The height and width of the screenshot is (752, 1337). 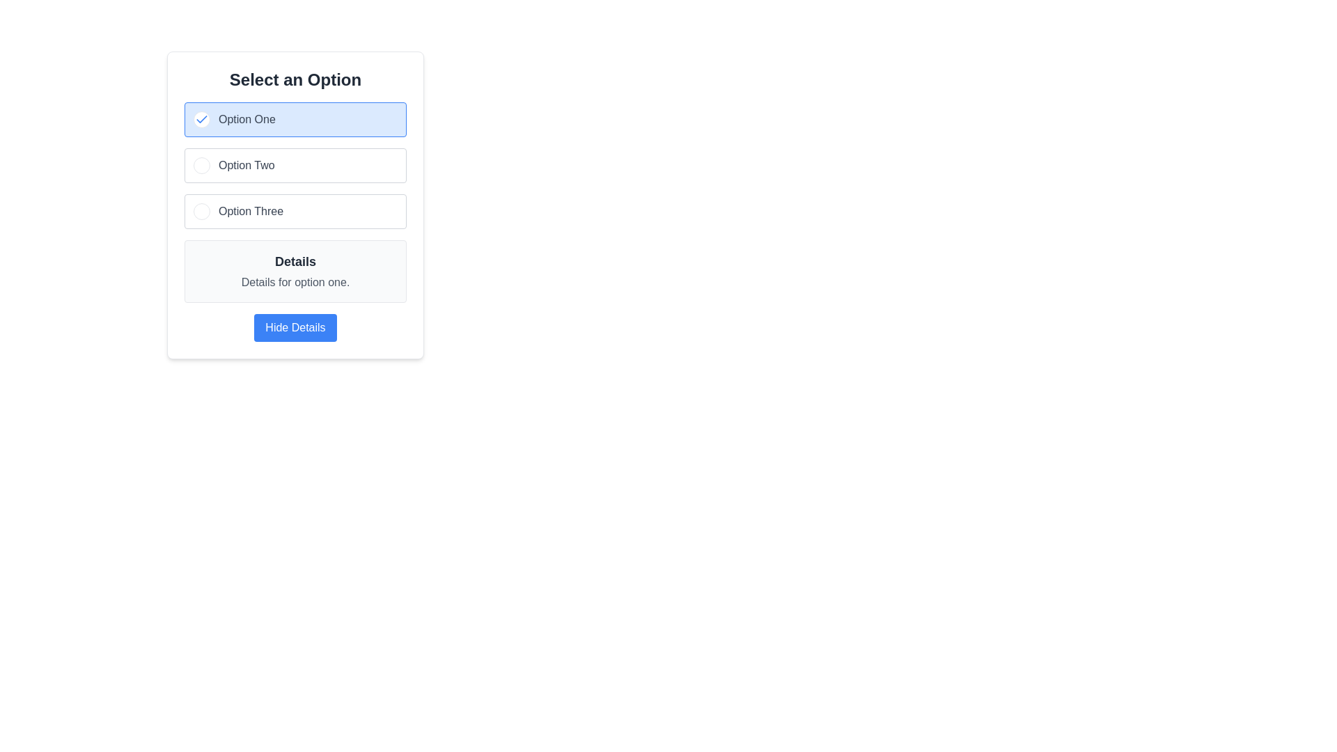 I want to click on the text label for 'Option Two', which is positioned to the right of the circular radio button and directly below 'Option One', so click(x=247, y=165).